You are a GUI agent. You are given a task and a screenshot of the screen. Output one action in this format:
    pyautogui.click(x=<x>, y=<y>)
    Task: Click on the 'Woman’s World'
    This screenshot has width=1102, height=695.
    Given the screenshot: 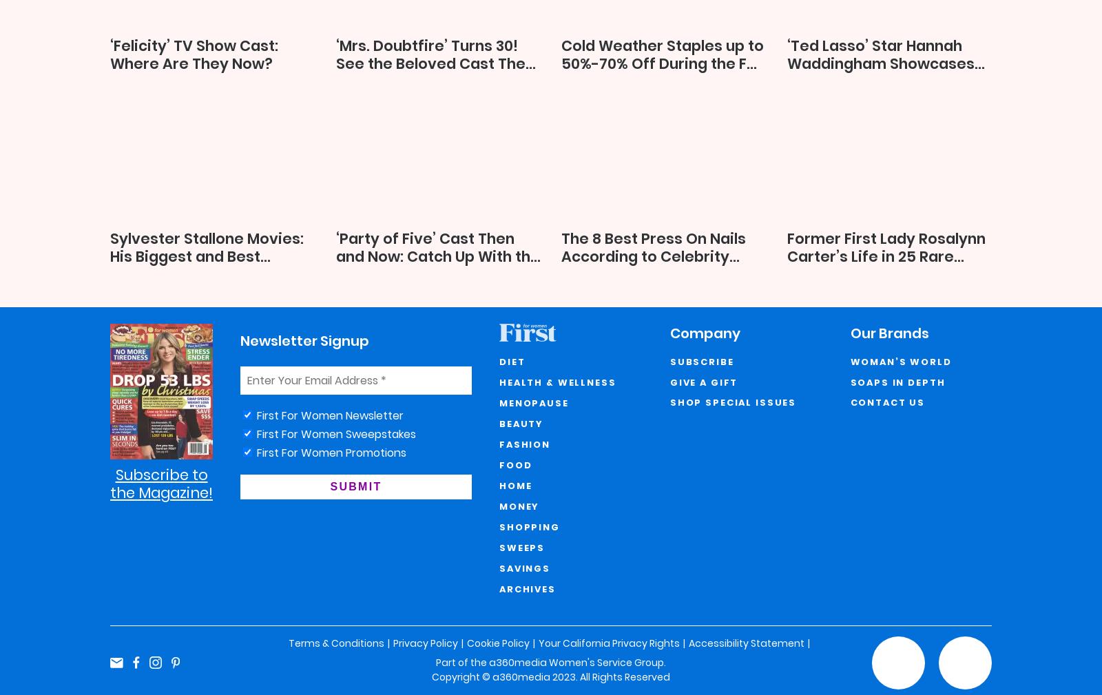 What is the action you would take?
    pyautogui.click(x=900, y=362)
    